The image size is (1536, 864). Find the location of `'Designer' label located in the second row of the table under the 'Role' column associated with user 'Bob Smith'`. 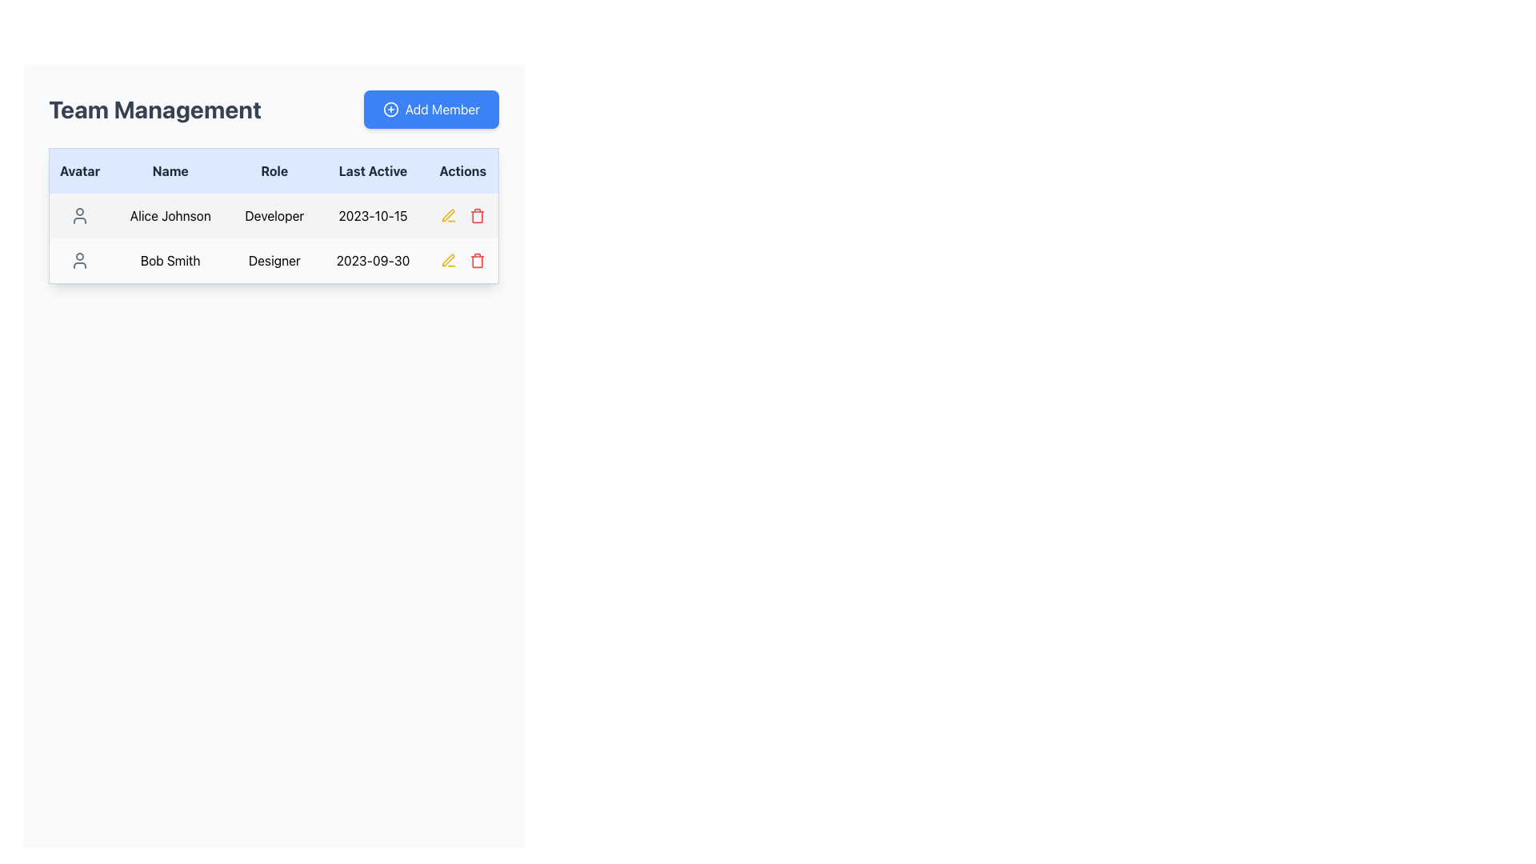

'Designer' label located in the second row of the table under the 'Role' column associated with user 'Bob Smith' is located at coordinates (274, 260).